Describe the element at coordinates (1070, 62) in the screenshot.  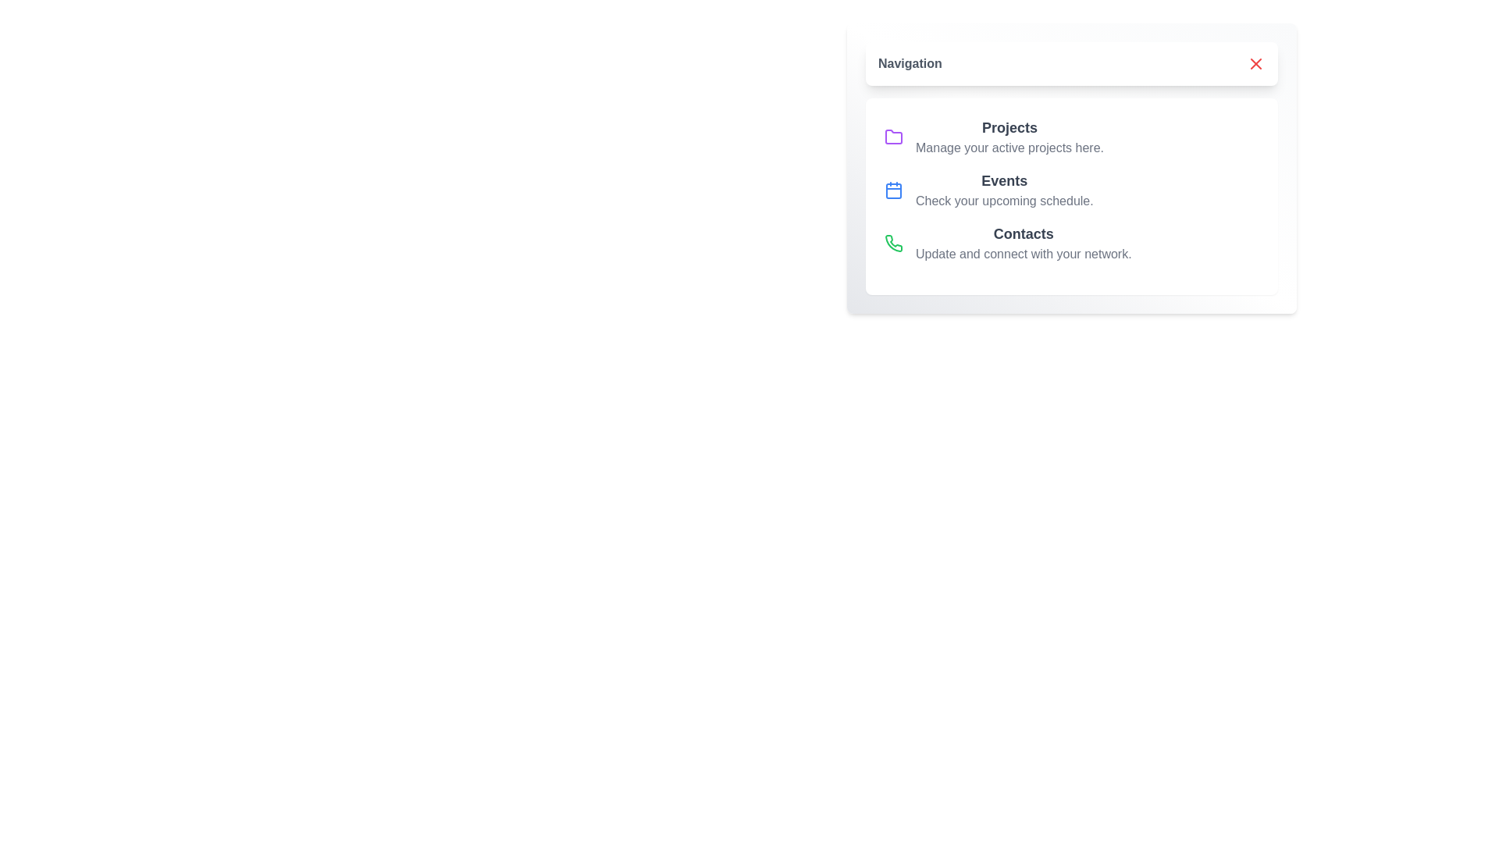
I see `the top button to toggle the menu state` at that location.